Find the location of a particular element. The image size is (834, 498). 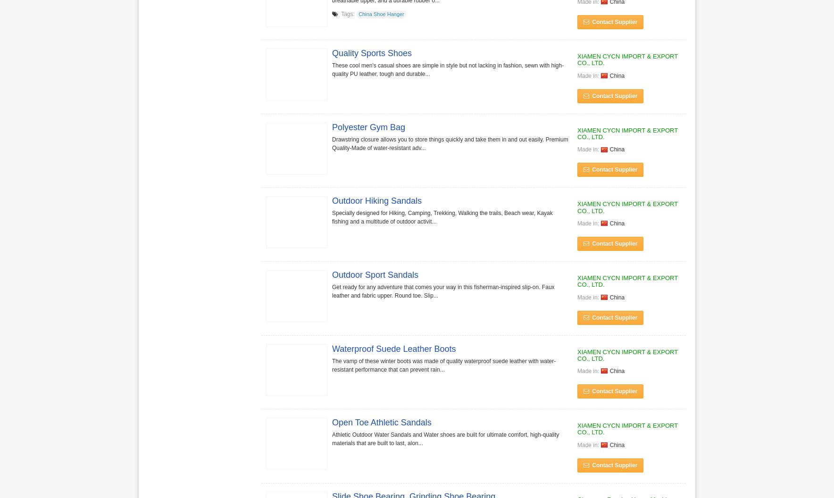

'Athletic Outdoor Water Sandals and Water shoes are built for ultimate comfort, high-quality materials that are built to last, alon...' is located at coordinates (332, 439).